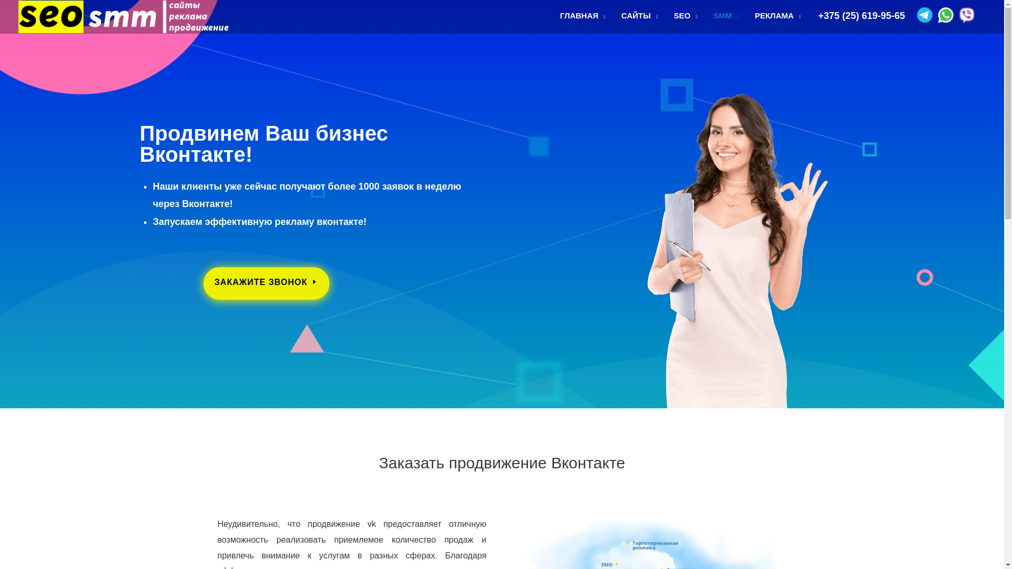 This screenshot has height=569, width=1012. Describe the element at coordinates (725, 16) in the screenshot. I see `'SMM'` at that location.